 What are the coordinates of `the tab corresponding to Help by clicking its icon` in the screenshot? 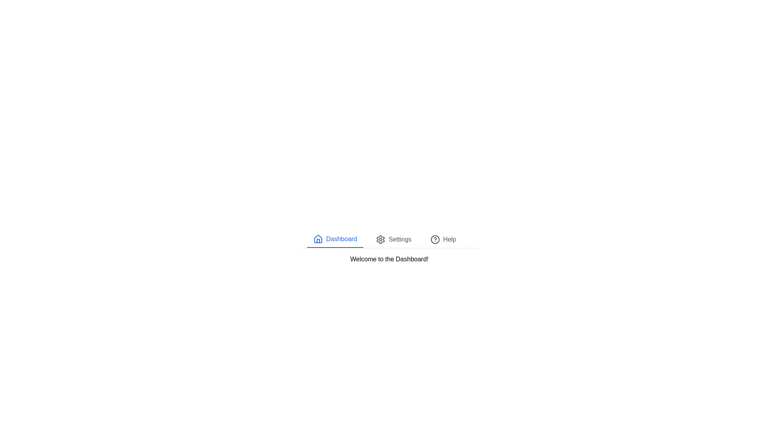 It's located at (434, 239).